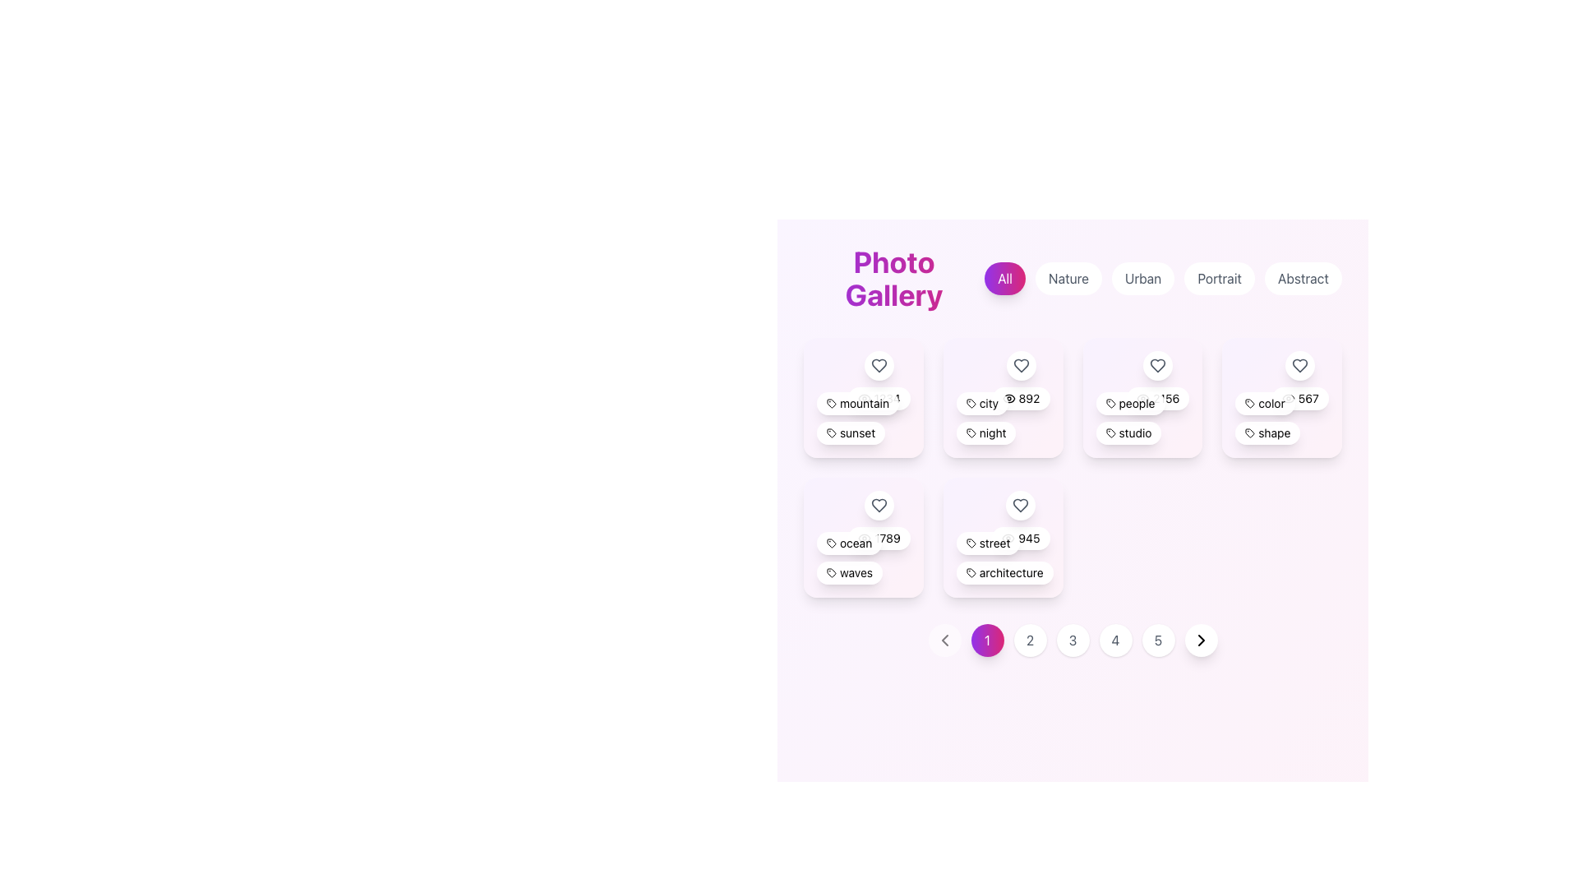  I want to click on the tag or label element that appears as a rounded rectangle with a light background, containing a tag icon and the text 'street', located in the fifth card of a grid layout, so click(987, 543).